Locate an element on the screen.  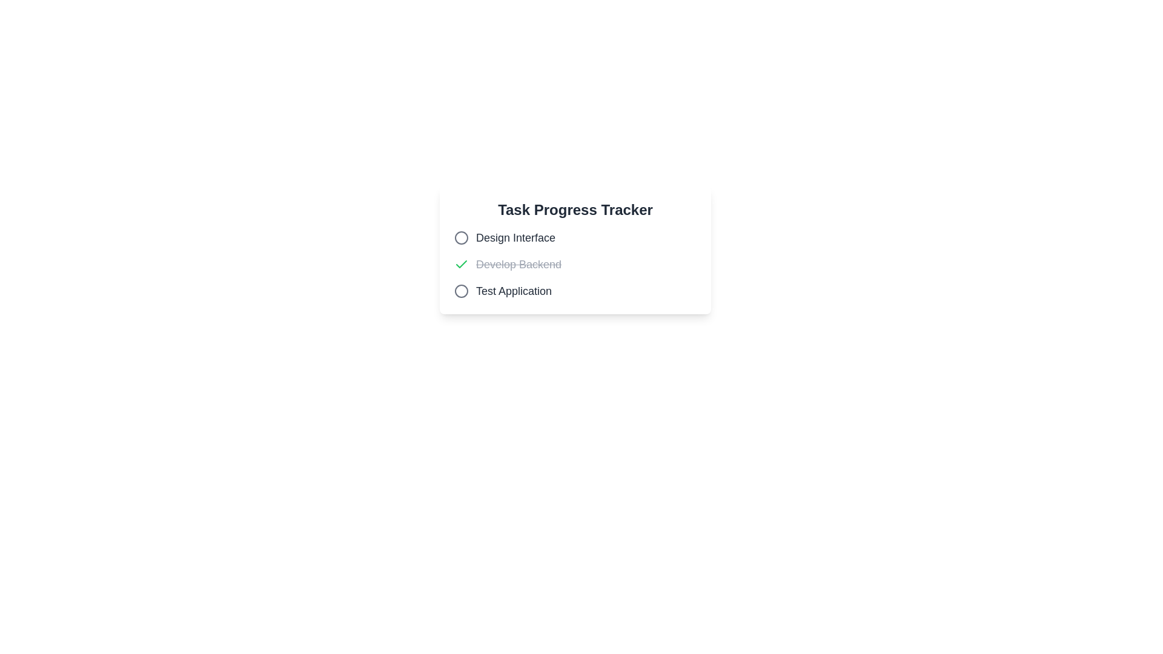
the SVG circle element that visually represents the progress or status of the associated task in the 'Task Progress Tracker' box, located at the top-left position aligned with the 'Design Interface' label is located at coordinates (461, 238).